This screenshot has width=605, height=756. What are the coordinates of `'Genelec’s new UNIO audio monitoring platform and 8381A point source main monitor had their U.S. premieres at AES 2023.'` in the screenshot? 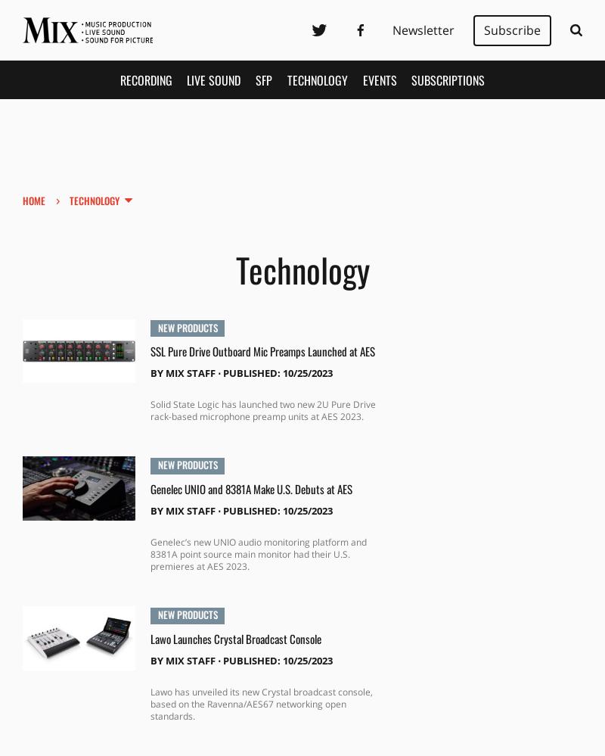 It's located at (258, 552).